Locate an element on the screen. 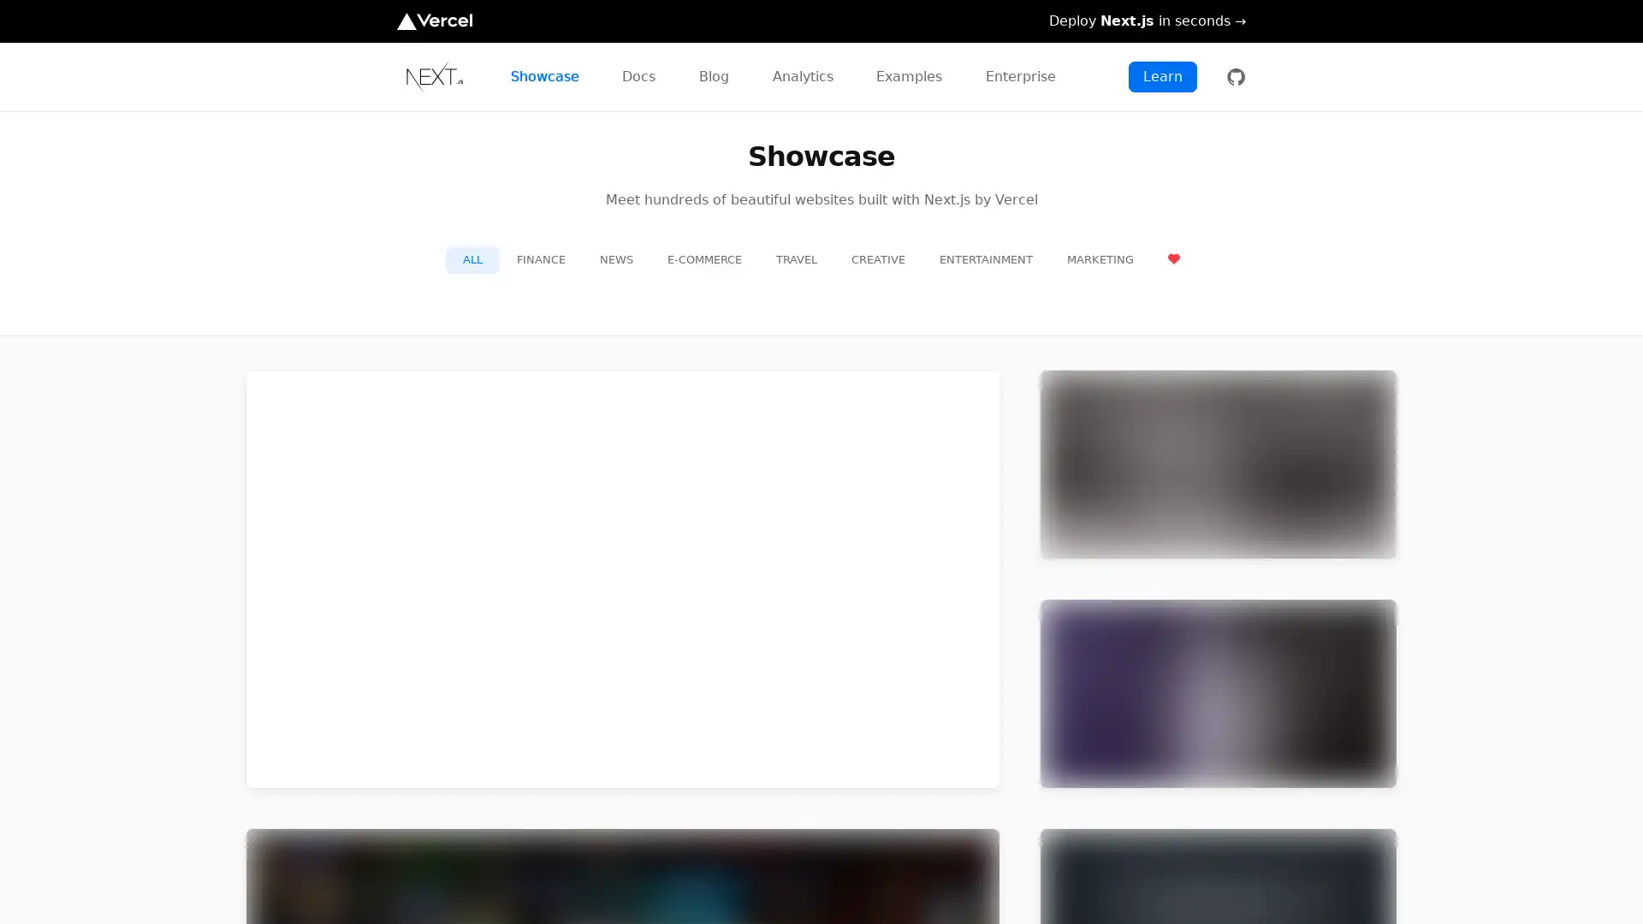  preview for TikTok TikTok https://m.tiktok.com is located at coordinates (622, 577).